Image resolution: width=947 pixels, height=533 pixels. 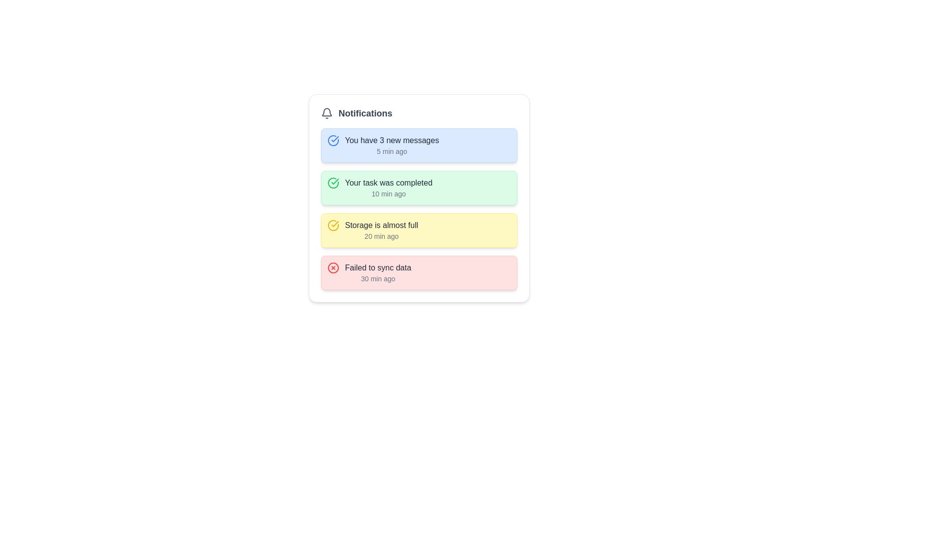 What do you see at coordinates (333, 183) in the screenshot?
I see `the success notification icon located in the second notification card with a green background, positioned to the left of the main notification text` at bounding box center [333, 183].